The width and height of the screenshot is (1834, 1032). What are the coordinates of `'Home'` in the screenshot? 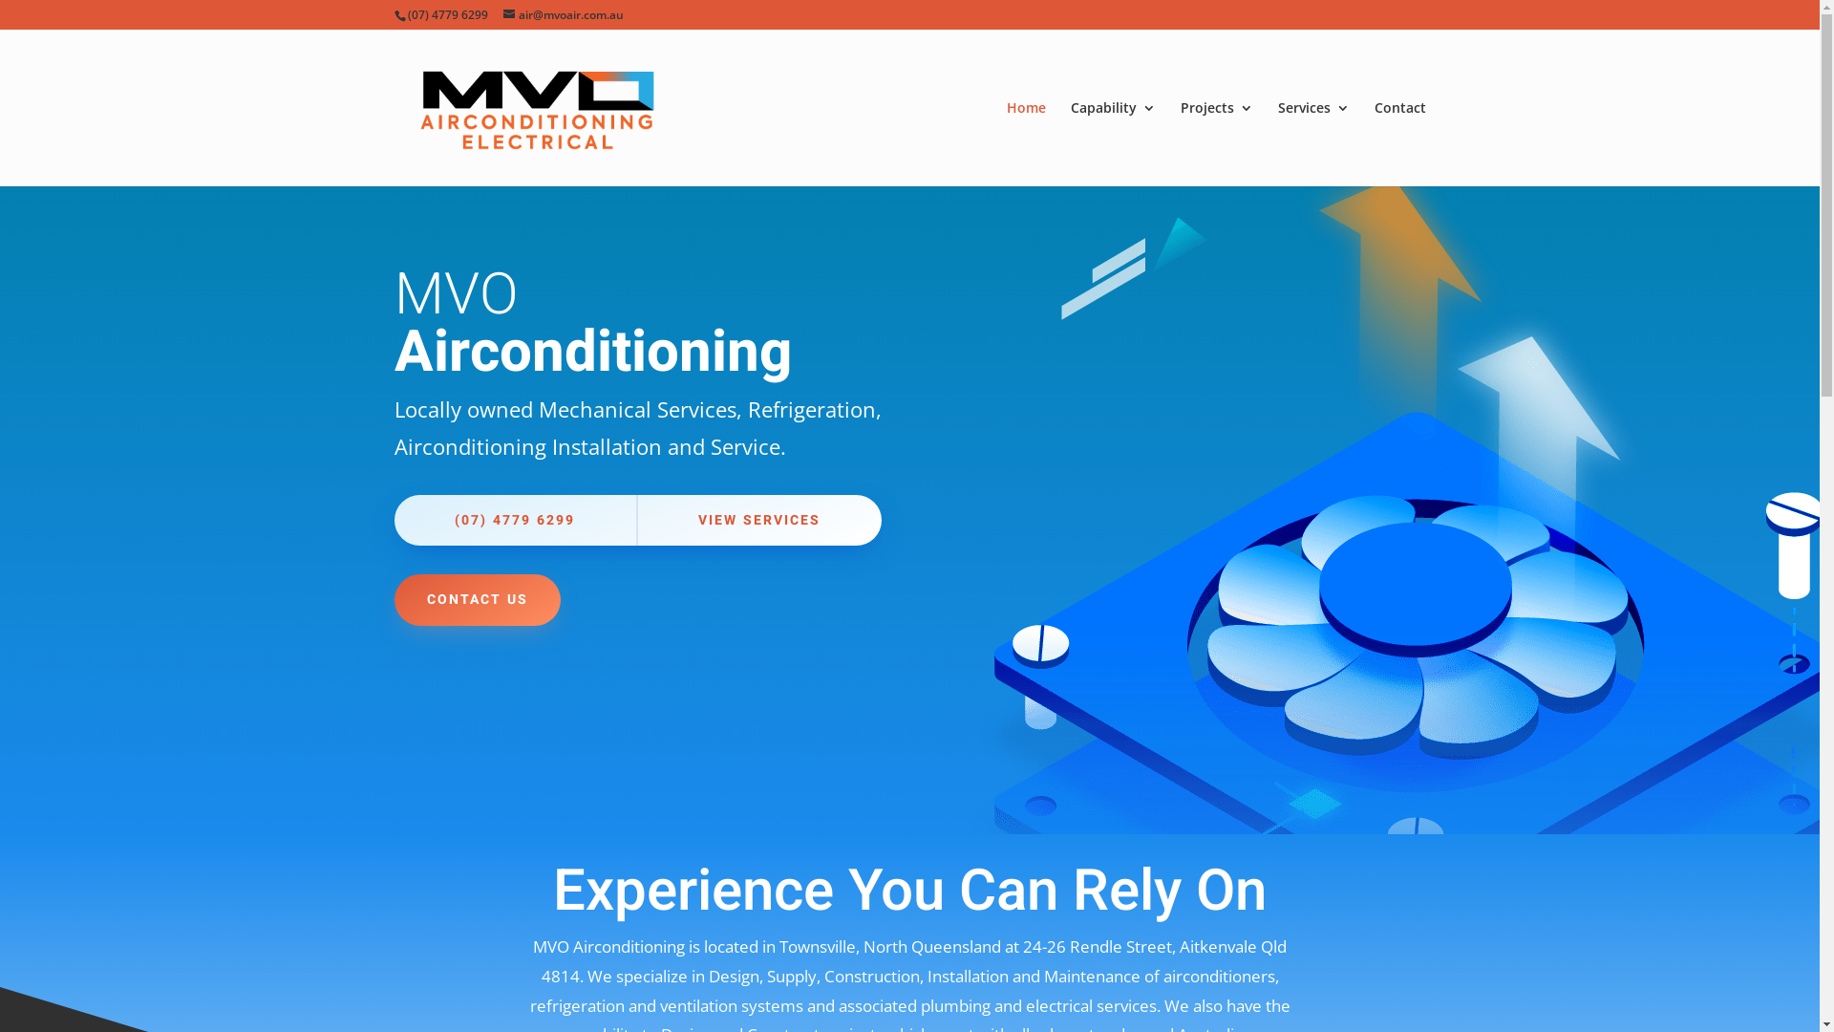 It's located at (1025, 142).